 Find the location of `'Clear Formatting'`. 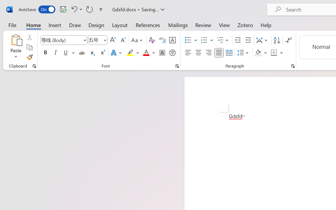

'Clear Formatting' is located at coordinates (151, 40).